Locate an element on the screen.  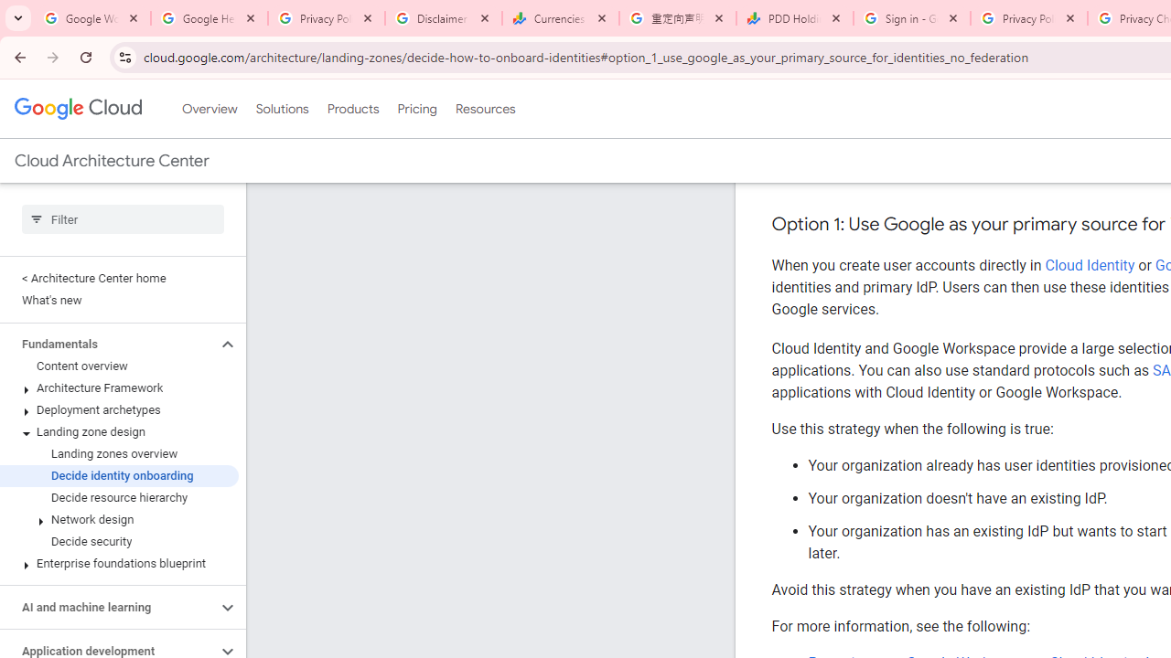
'Landing zones overview' is located at coordinates (118, 453).